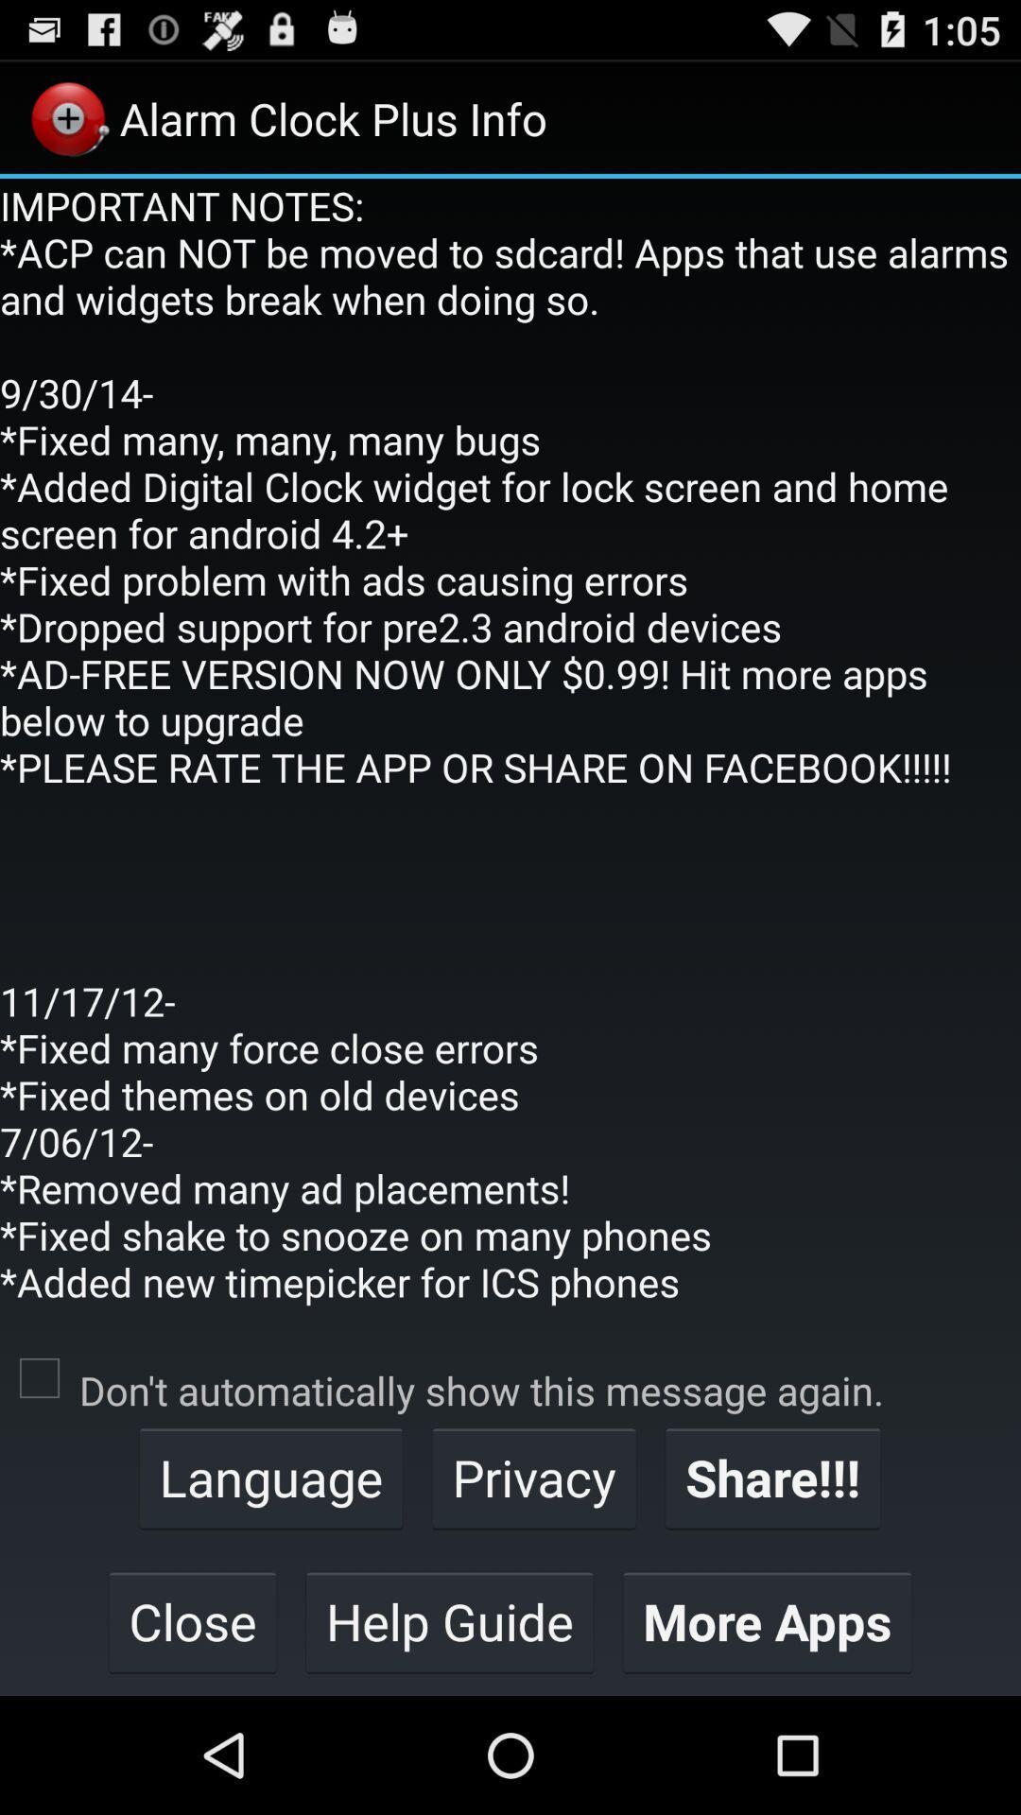 This screenshot has width=1021, height=1815. What do you see at coordinates (40, 1378) in the screenshot?
I see `app below the important notes acp` at bounding box center [40, 1378].